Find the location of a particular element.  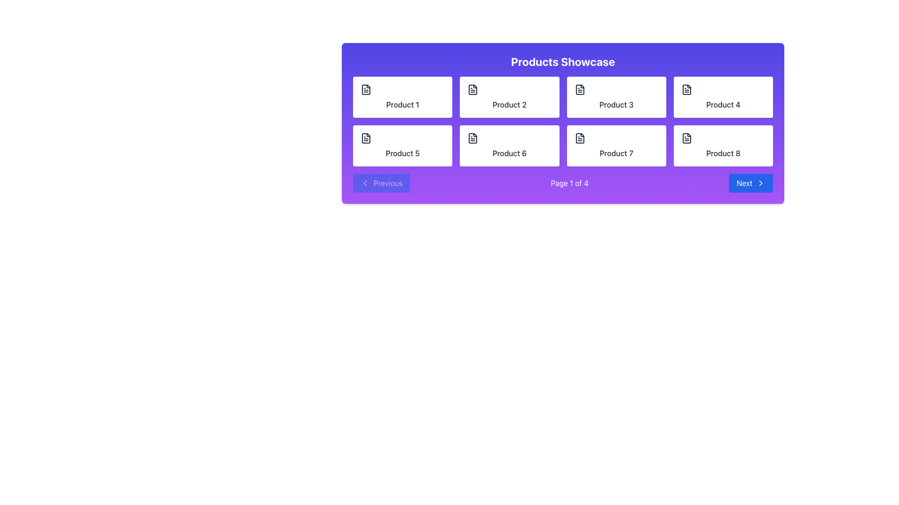

the text label displaying 'Product 4', which is styled with medium weight and center alignment, located in the fourth column of the top row within a grid of product entries is located at coordinates (722, 104).